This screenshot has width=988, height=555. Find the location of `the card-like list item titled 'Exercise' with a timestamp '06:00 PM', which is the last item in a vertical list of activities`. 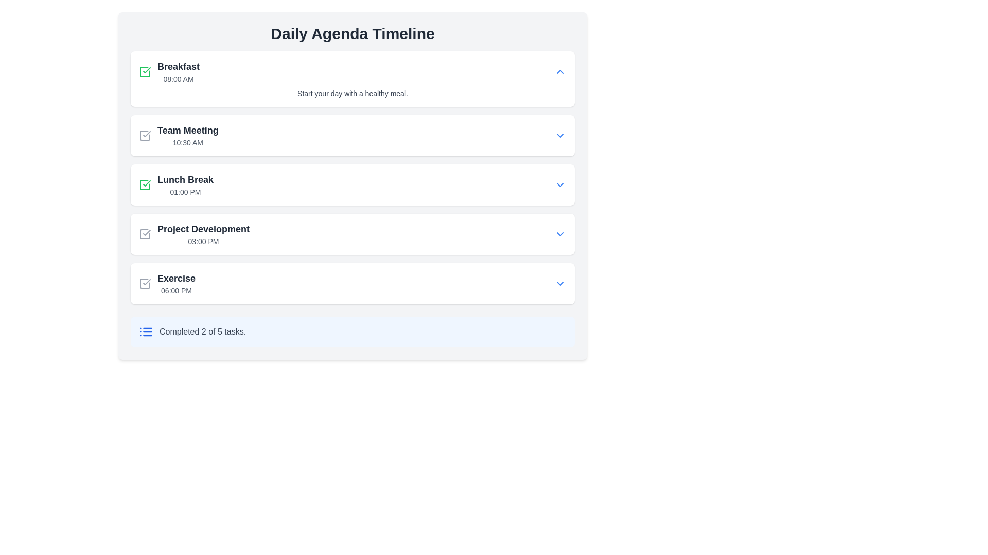

the card-like list item titled 'Exercise' with a timestamp '06:00 PM', which is the last item in a vertical list of activities is located at coordinates (352, 283).